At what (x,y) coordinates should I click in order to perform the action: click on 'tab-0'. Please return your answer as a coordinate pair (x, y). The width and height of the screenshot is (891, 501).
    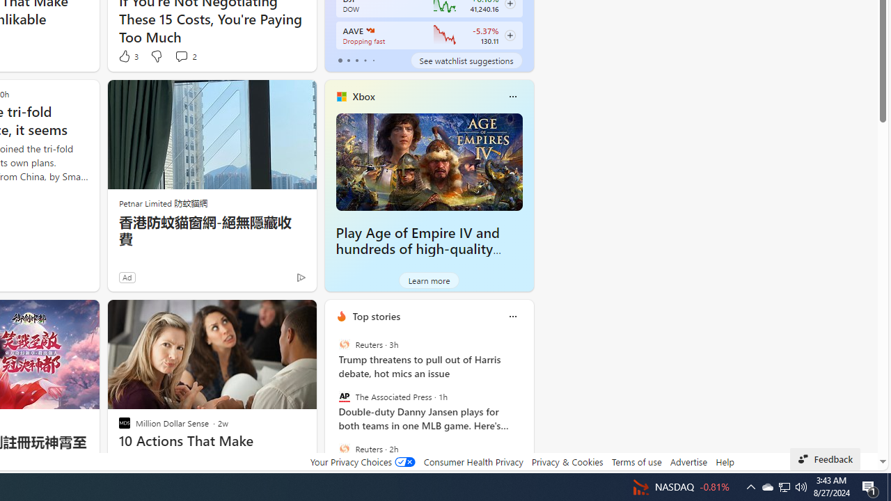
    Looking at the image, I should click on (340, 60).